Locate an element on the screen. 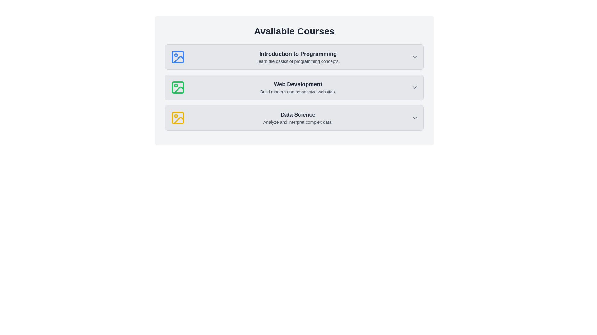 The width and height of the screenshot is (597, 335). the 'Data Science' course selection list item, which features a bold title and a lighter subtitle, located in the third row of the course selection area is located at coordinates (298, 118).